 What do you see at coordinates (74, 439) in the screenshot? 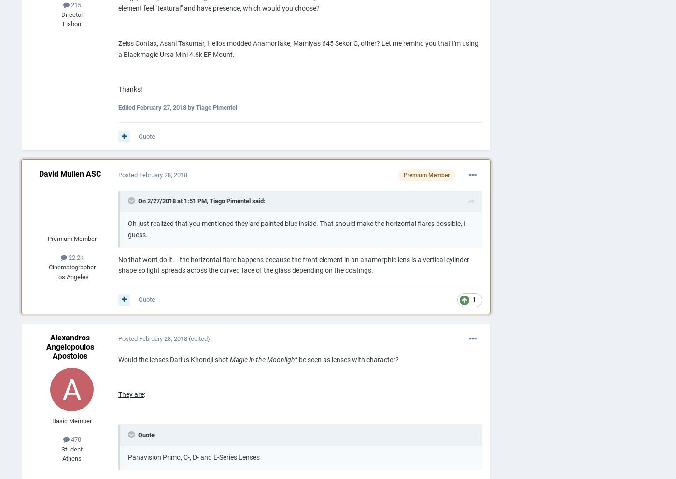
I see `'470'` at bounding box center [74, 439].